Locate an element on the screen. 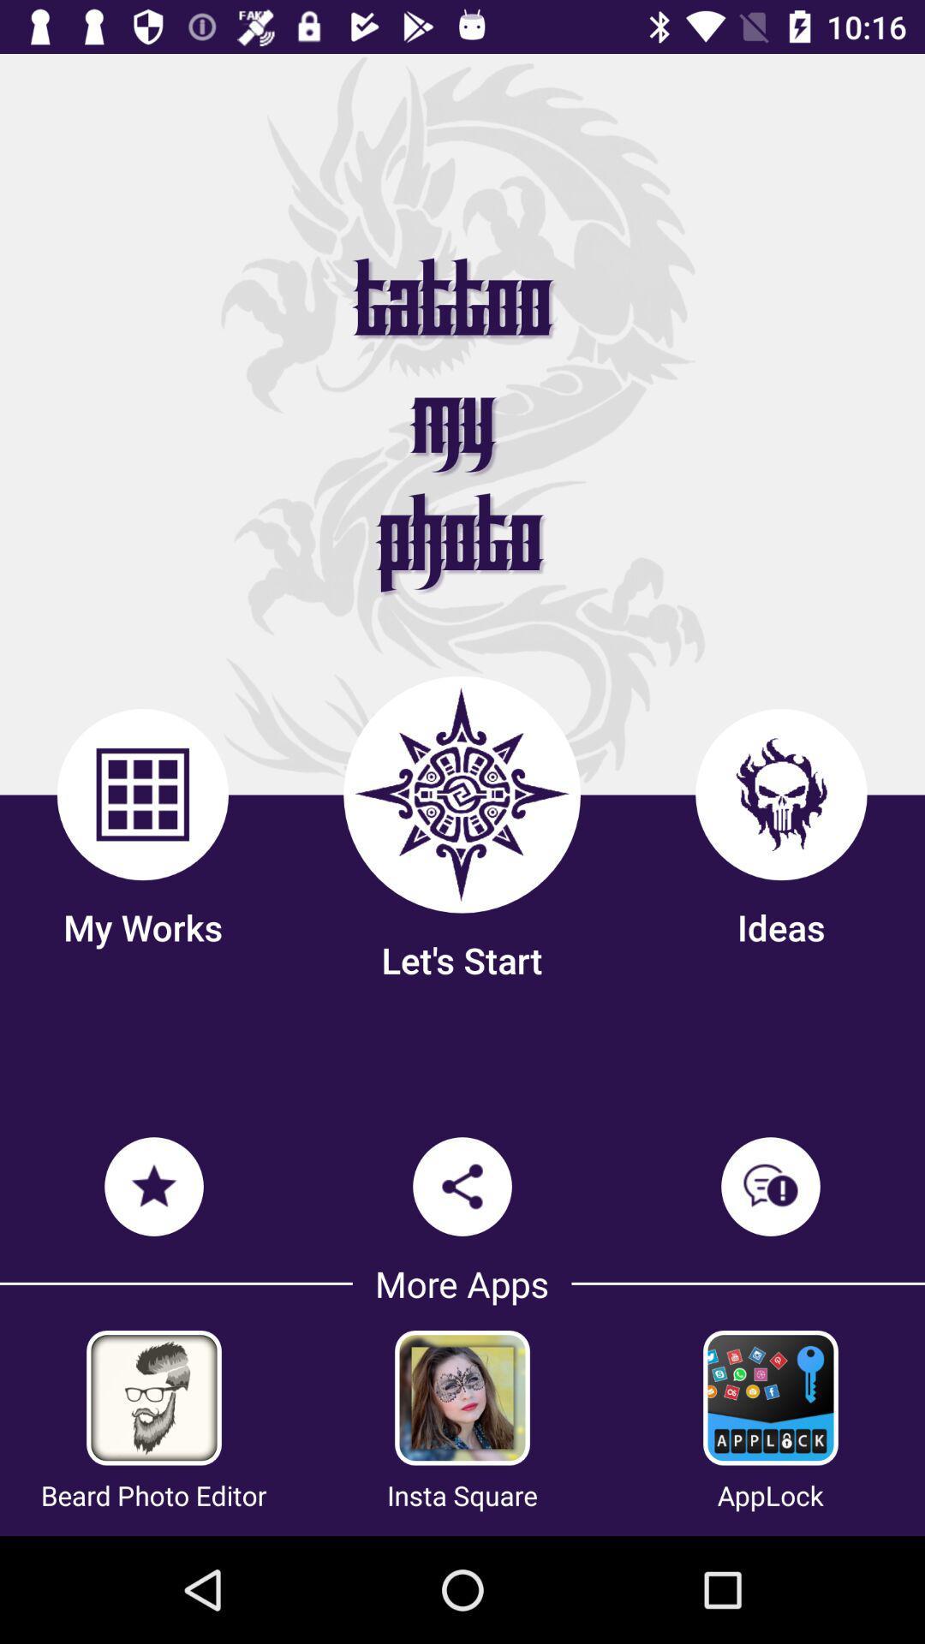 Image resolution: width=925 pixels, height=1644 pixels. get insta square app is located at coordinates (462, 1397).